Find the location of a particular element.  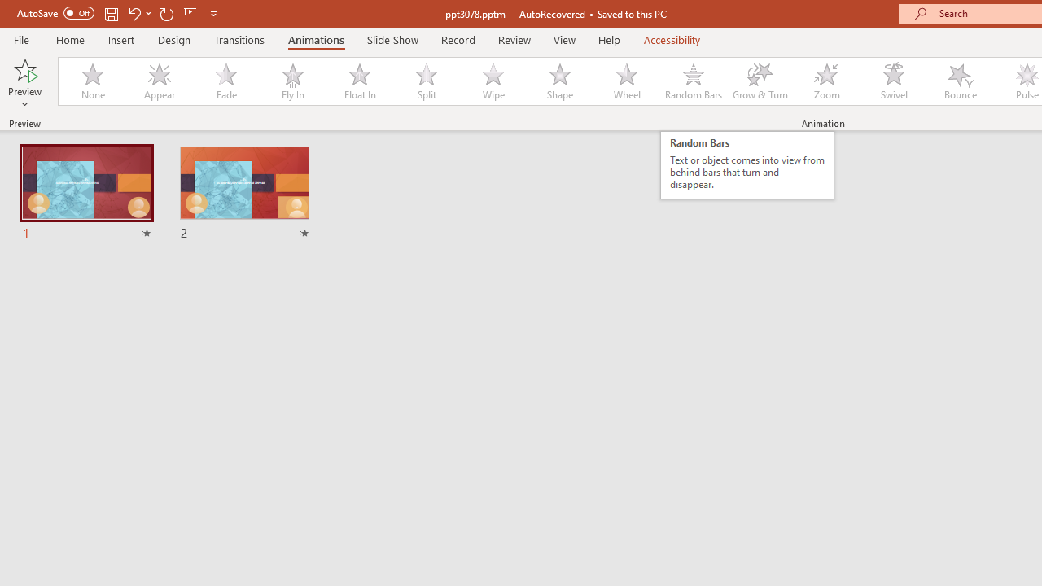

'Split' is located at coordinates (426, 81).